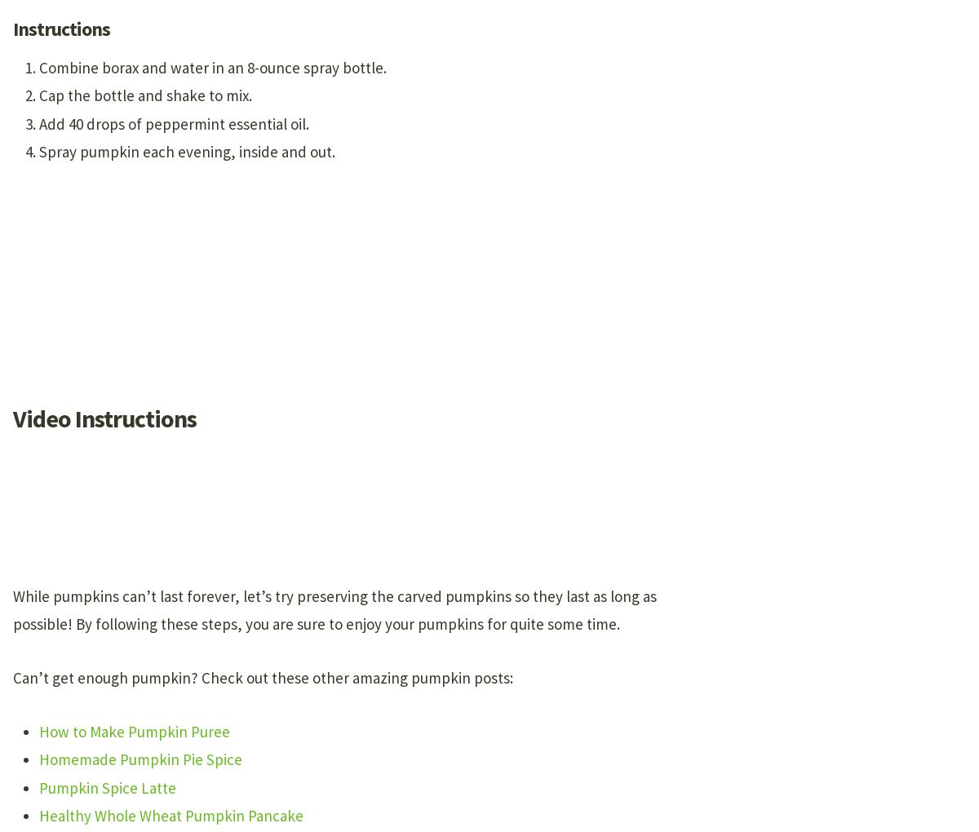 The width and height of the screenshot is (979, 832). What do you see at coordinates (263, 676) in the screenshot?
I see `'Can’t get enough pumpkin? Check out these other amazing pumpkin posts:'` at bounding box center [263, 676].